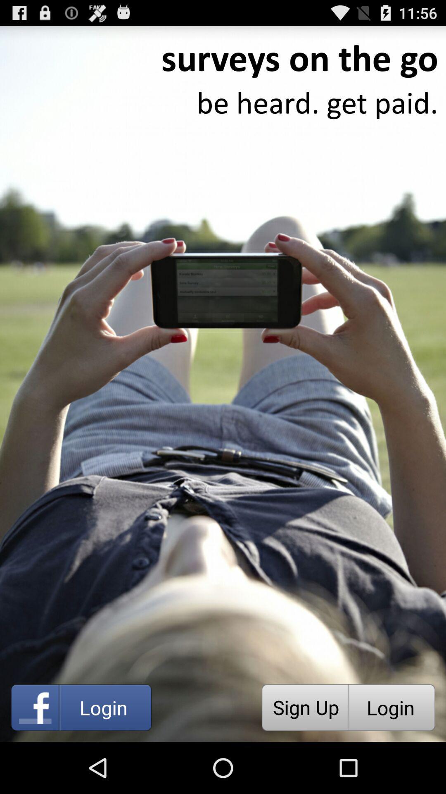 Image resolution: width=446 pixels, height=794 pixels. I want to click on the icon next to the login item, so click(305, 707).